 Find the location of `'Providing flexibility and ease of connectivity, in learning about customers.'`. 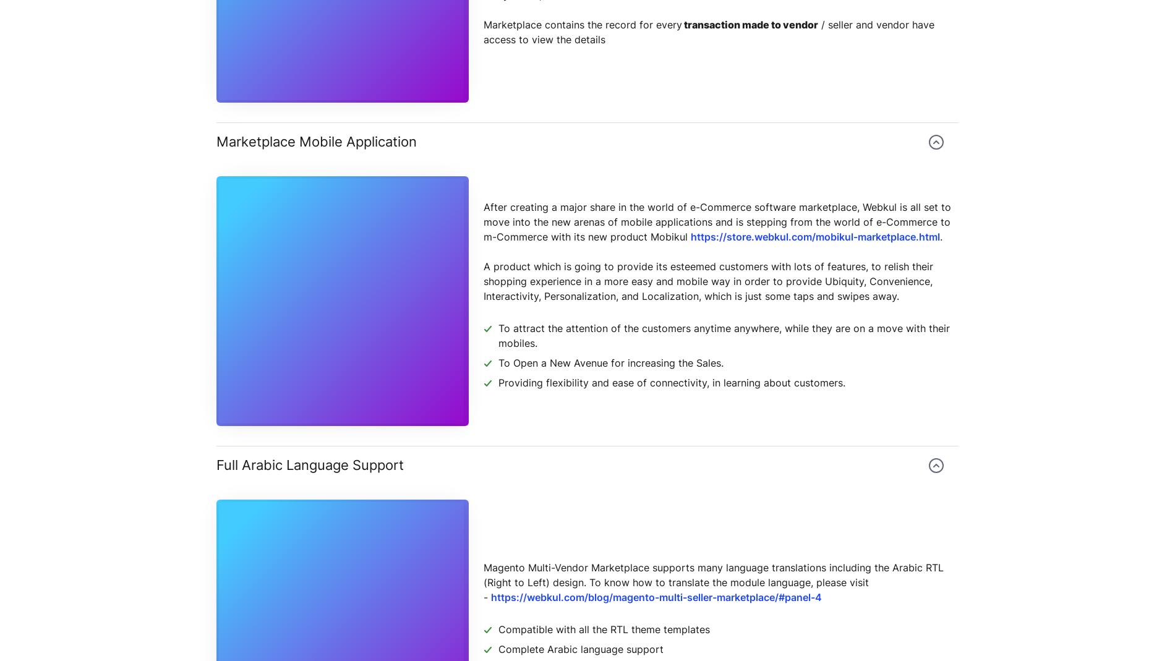

'Providing flexibility and ease of connectivity, in learning about customers.' is located at coordinates (672, 382).